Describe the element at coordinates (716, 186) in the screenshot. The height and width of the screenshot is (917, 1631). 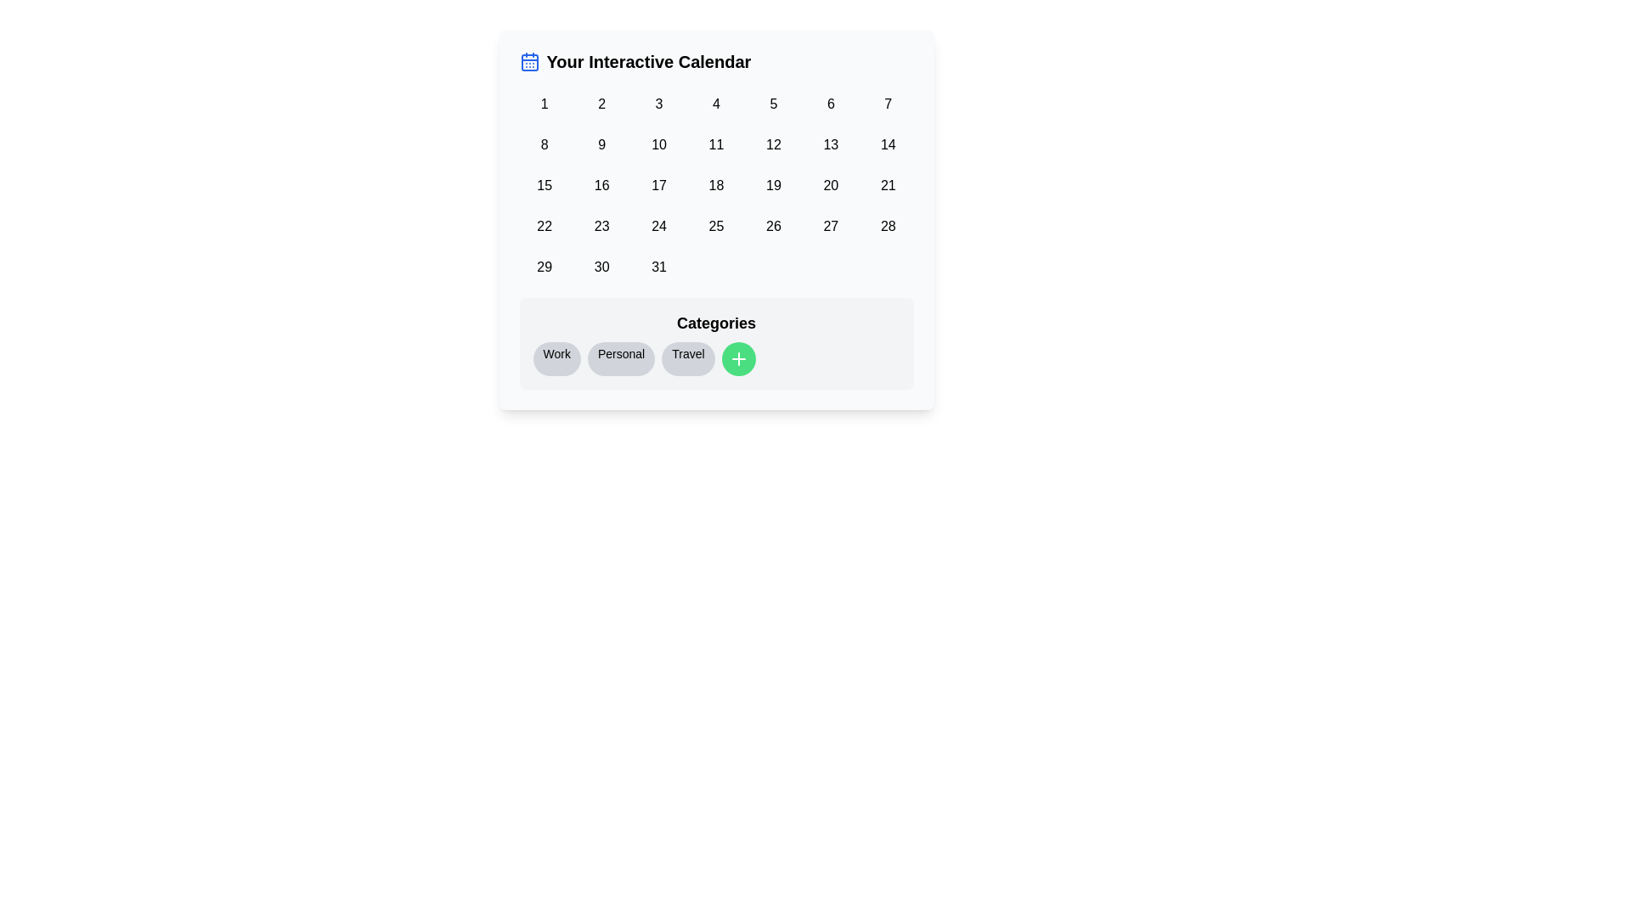
I see `the calendar day button representing the date '18'` at that location.